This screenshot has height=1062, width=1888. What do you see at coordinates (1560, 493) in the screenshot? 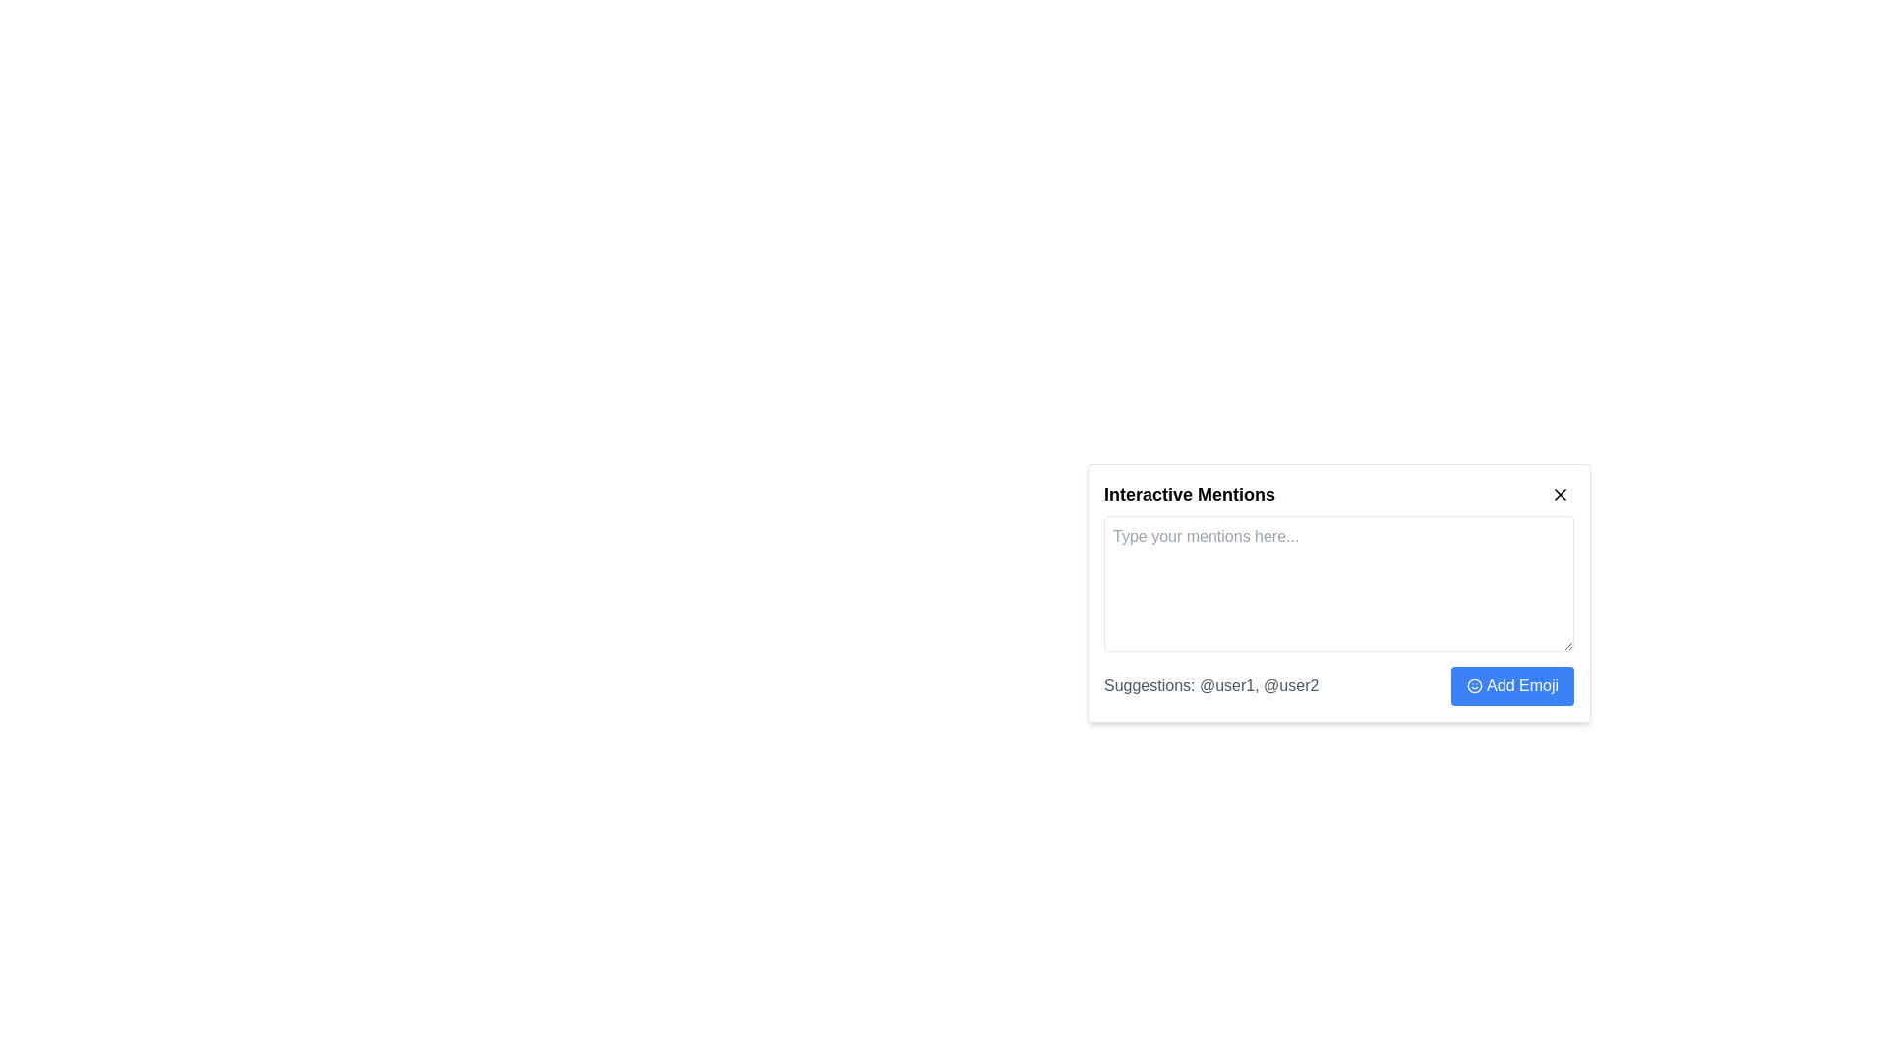
I see `the 'X' icon button located at the top-right corner of the 'Interactive Mentions' section` at bounding box center [1560, 493].